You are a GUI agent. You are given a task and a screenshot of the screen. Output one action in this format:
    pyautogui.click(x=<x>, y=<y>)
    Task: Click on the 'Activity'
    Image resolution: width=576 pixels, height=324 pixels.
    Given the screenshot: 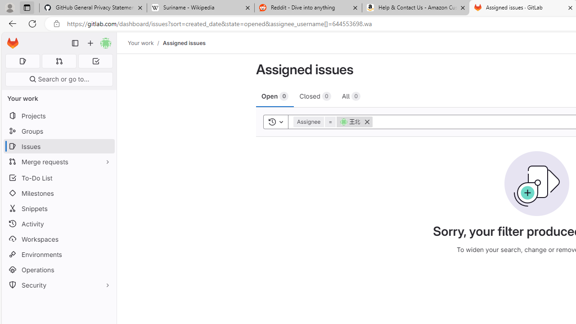 What is the action you would take?
    pyautogui.click(x=58, y=223)
    